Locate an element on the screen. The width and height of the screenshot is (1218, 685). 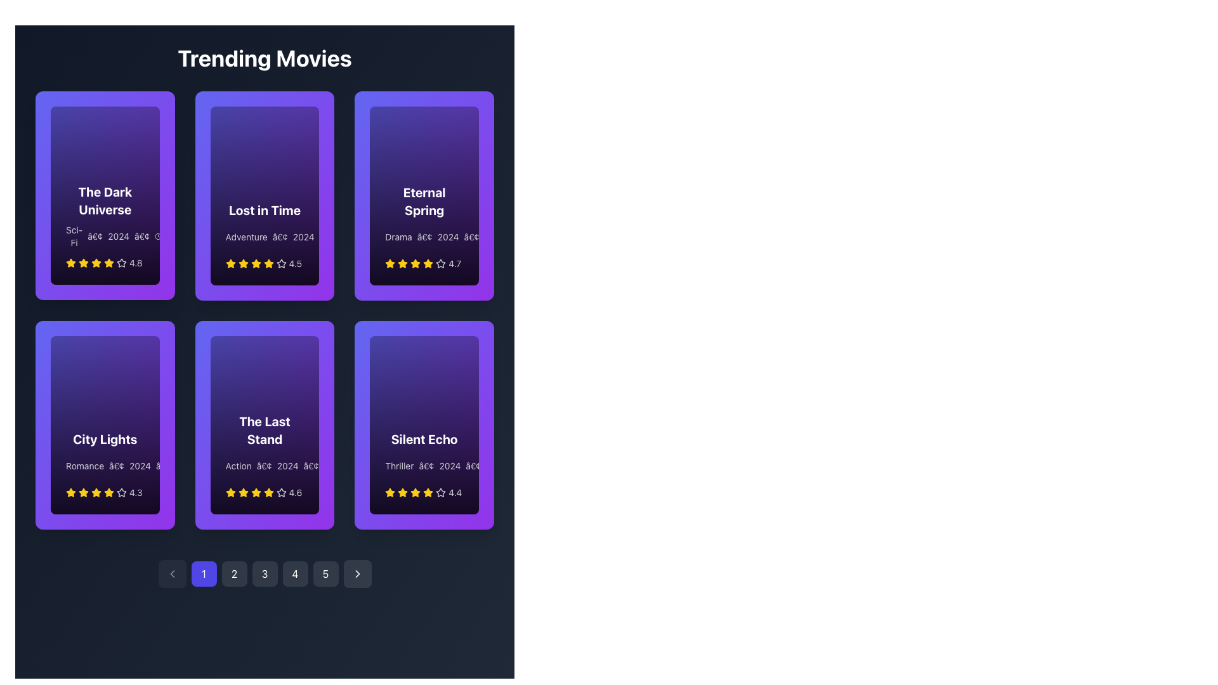
the Play button, which is a triangular shape surrounded by a circular button with a purple gradient background, located in the lower-right card labeled 'Silent Echo' in the 'Trending Movies' section is located at coordinates (471, 347).